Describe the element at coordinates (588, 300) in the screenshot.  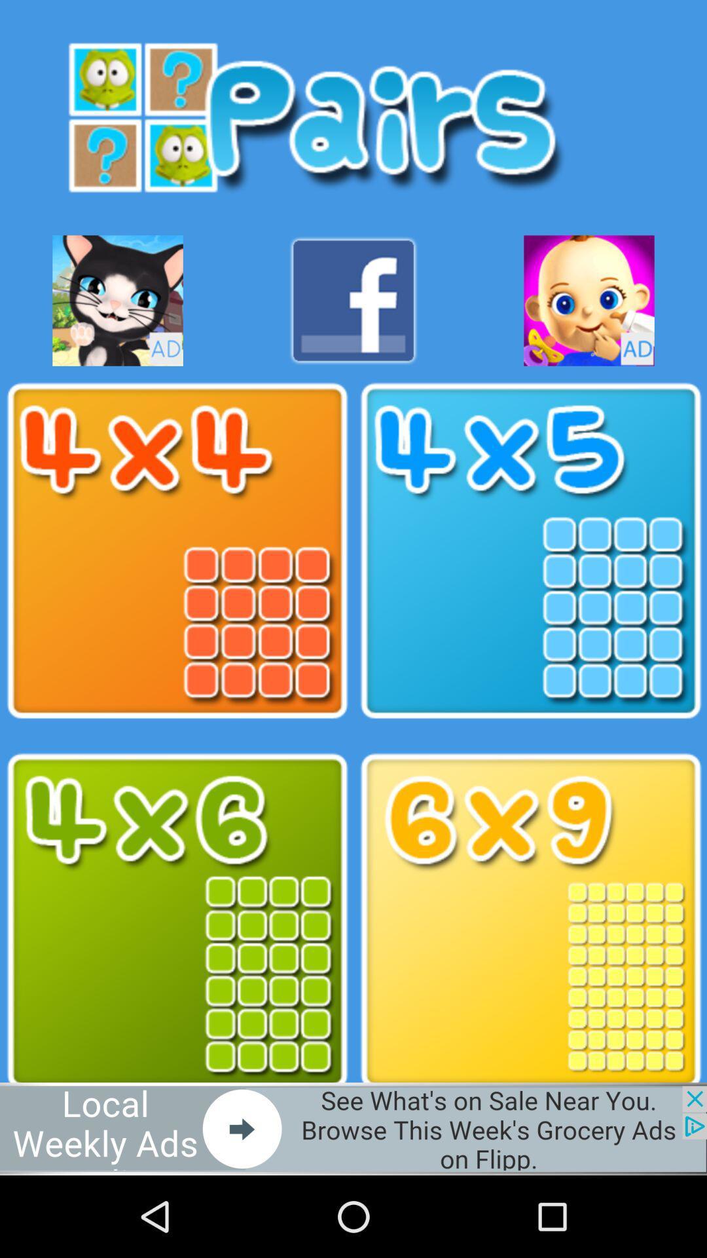
I see `game page` at that location.